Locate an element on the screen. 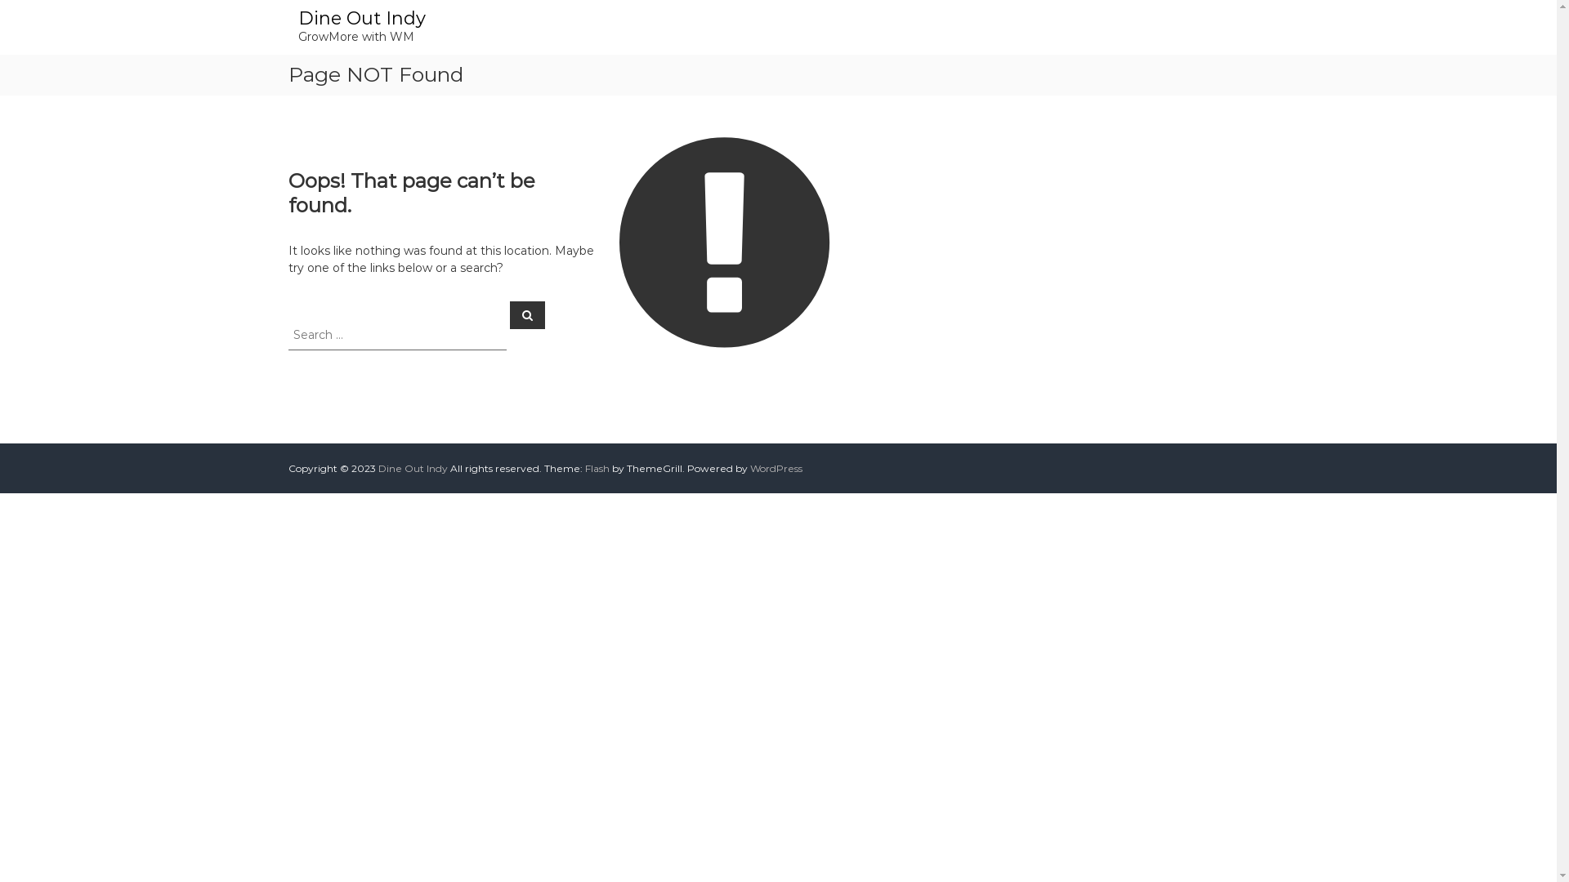 The image size is (1569, 882). 'Flash' is located at coordinates (596, 468).